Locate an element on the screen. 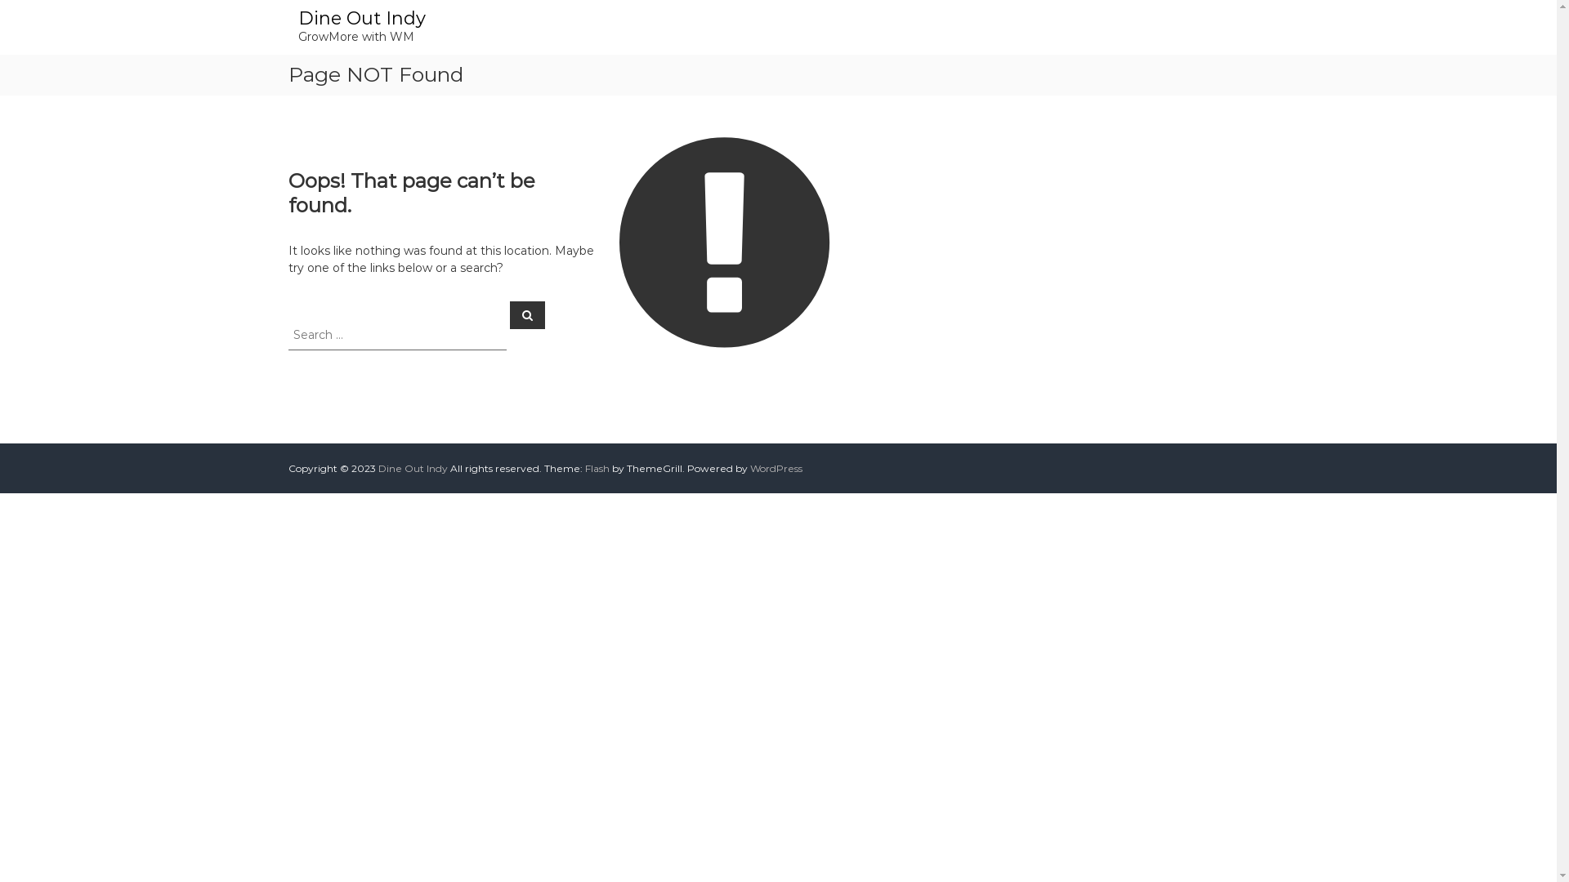 The image size is (1569, 882). 'Flash' is located at coordinates (596, 468).